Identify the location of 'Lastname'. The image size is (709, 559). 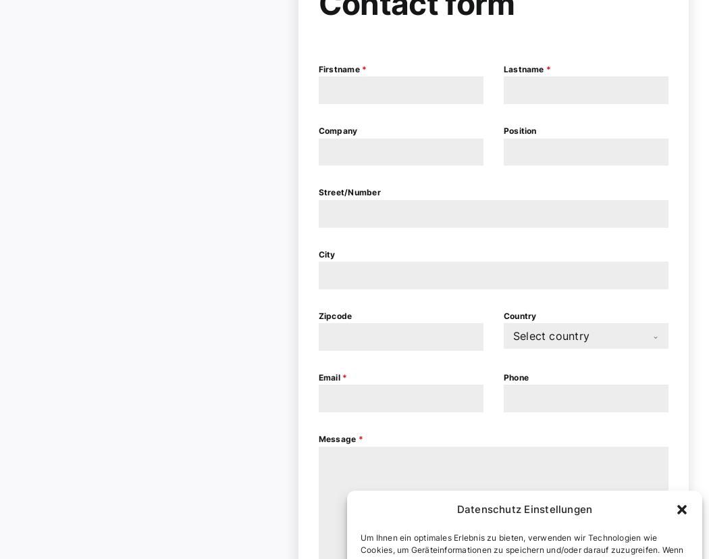
(524, 68).